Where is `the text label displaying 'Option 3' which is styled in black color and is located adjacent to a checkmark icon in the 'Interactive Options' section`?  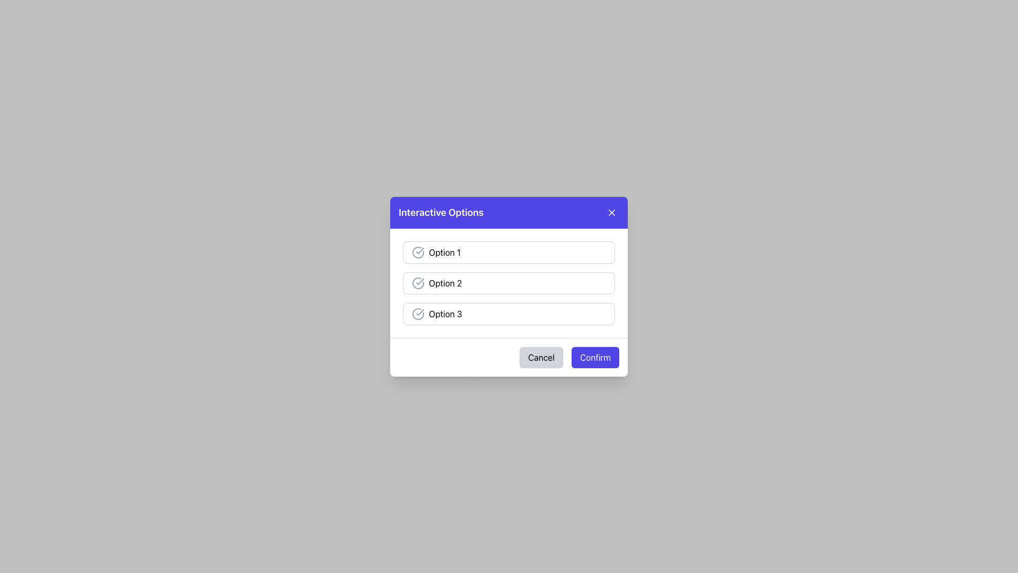
the text label displaying 'Option 3' which is styled in black color and is located adjacent to a checkmark icon in the 'Interactive Options' section is located at coordinates (445, 313).